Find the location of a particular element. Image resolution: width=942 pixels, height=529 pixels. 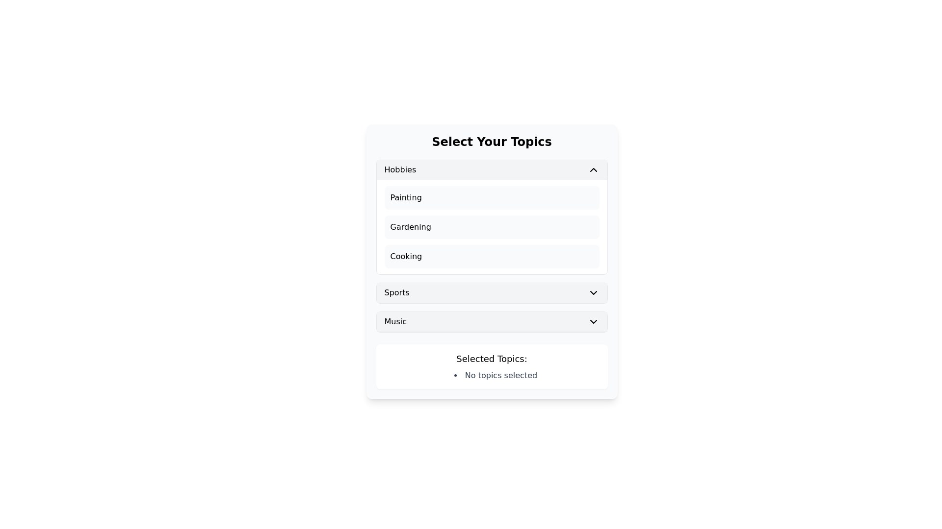

the 'Music' text label, which is styled with black text on a light gray background and is part of a selectable topic list is located at coordinates (395, 321).